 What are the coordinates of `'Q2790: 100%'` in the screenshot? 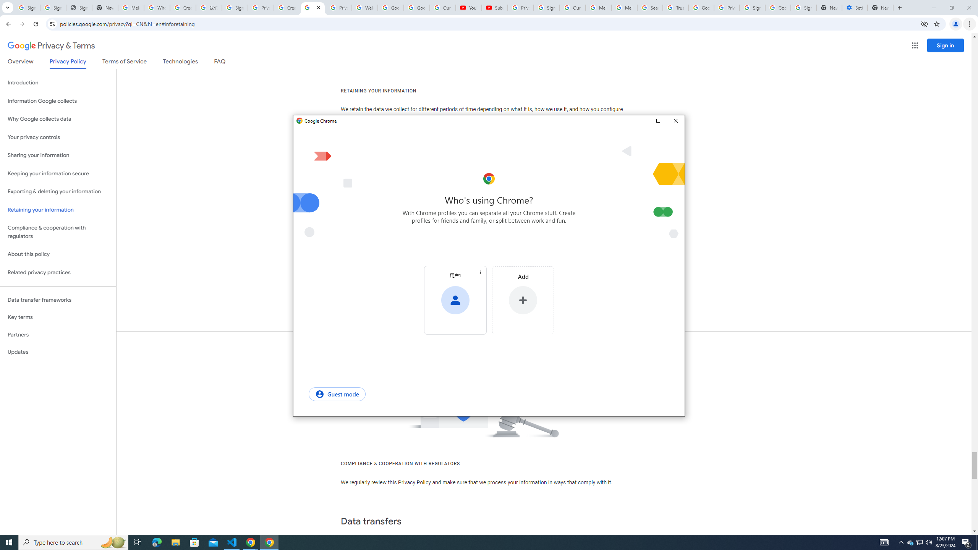 It's located at (884, 542).